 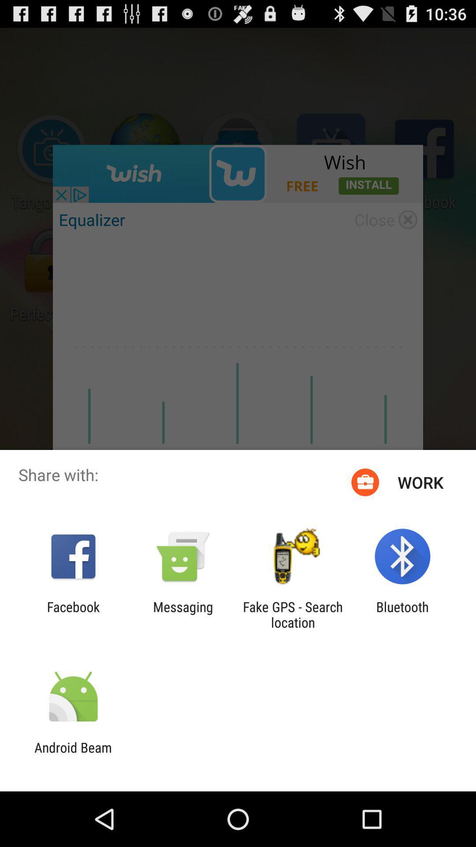 What do you see at coordinates (293, 614) in the screenshot?
I see `app to the left of the bluetooth icon` at bounding box center [293, 614].